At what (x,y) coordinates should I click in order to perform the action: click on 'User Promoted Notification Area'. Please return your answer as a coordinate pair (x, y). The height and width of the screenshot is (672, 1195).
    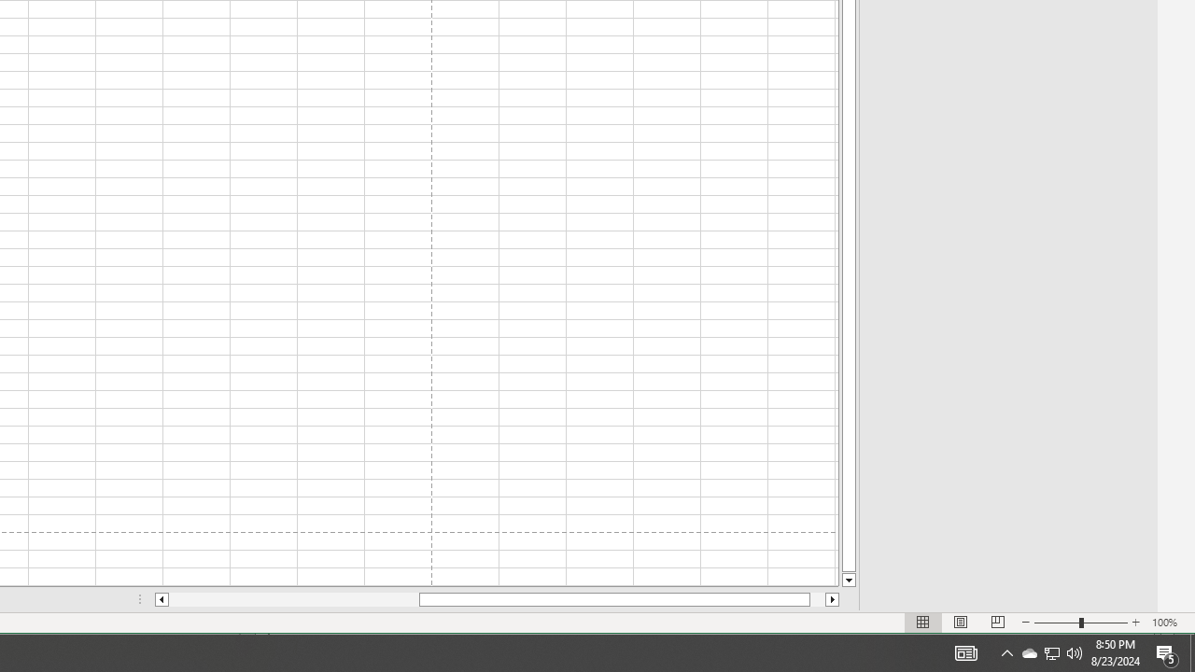
    Looking at the image, I should click on (1052, 651).